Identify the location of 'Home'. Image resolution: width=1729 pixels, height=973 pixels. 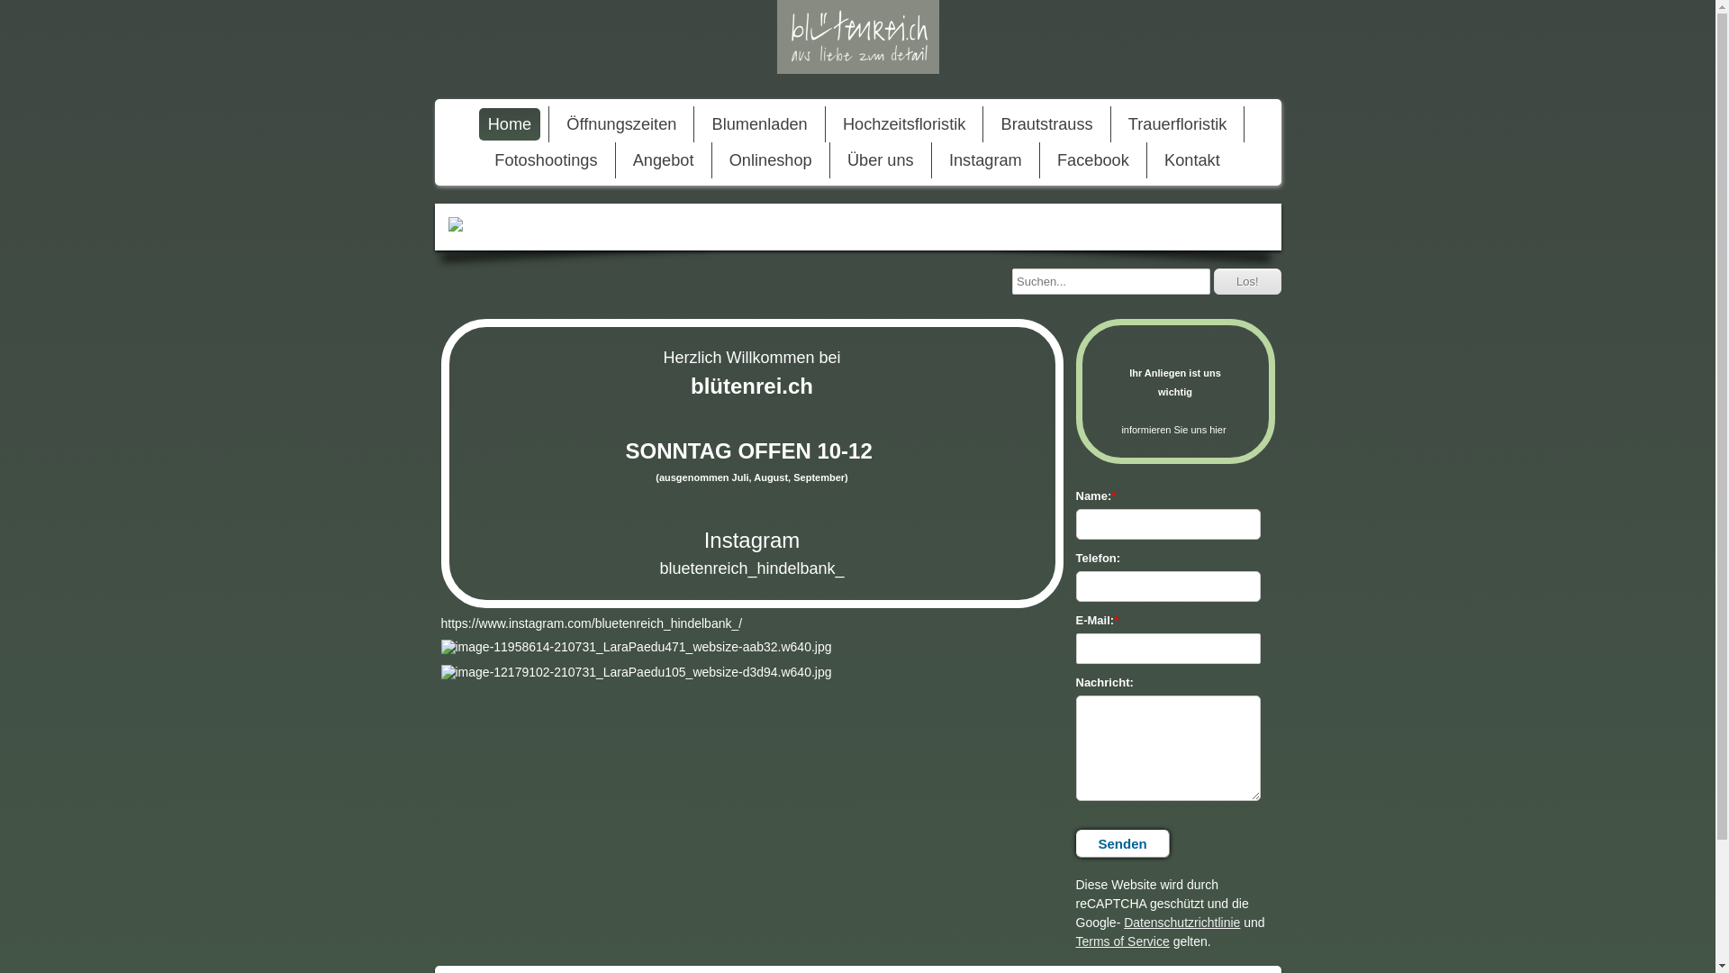
(509, 123).